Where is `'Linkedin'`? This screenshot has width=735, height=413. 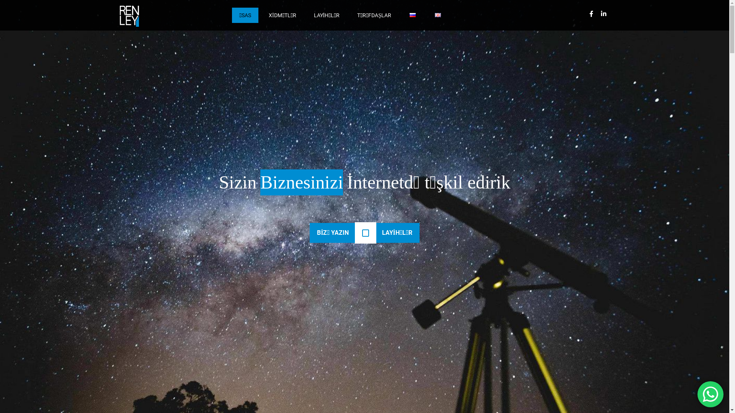 'Linkedin' is located at coordinates (597, 13).